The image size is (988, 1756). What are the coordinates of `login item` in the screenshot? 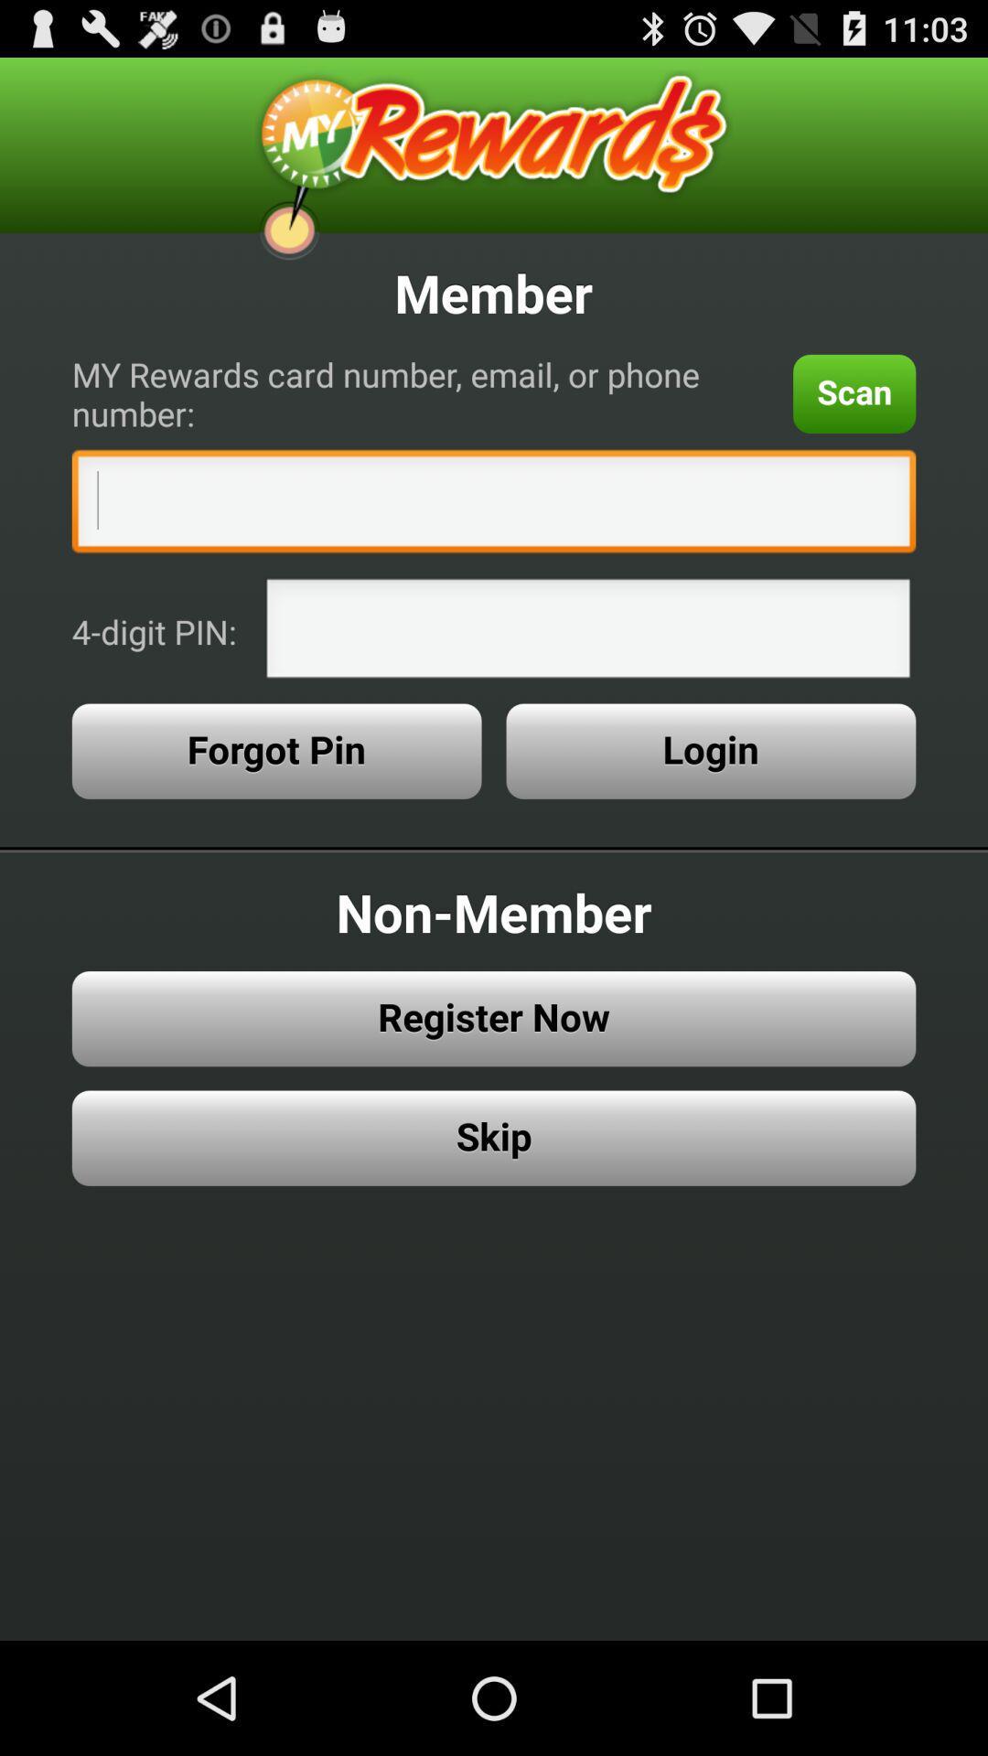 It's located at (710, 751).